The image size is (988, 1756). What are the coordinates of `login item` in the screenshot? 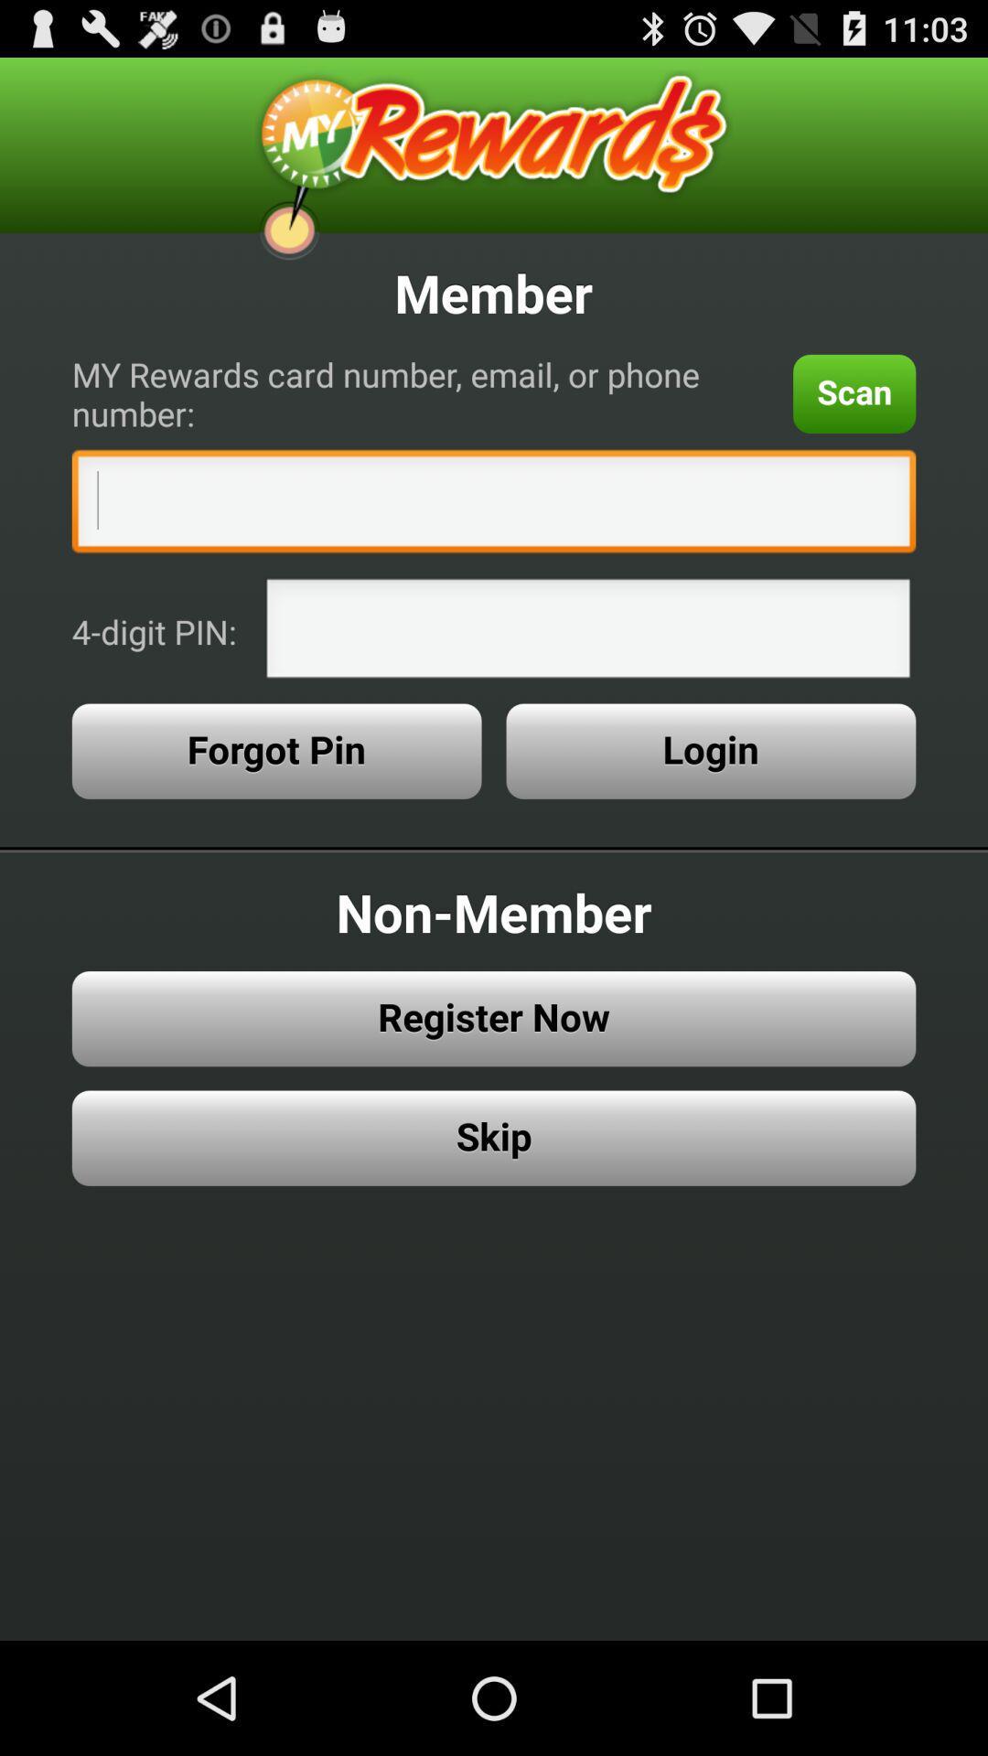 It's located at (710, 751).